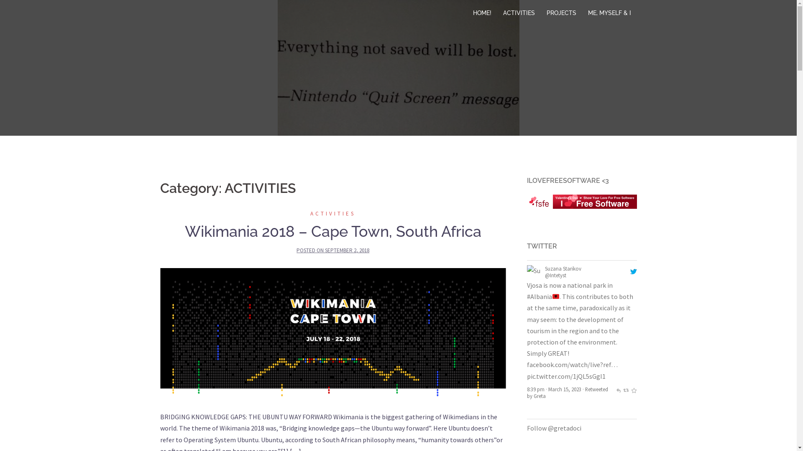 The width and height of the screenshot is (803, 451). I want to click on 'favorite', so click(630, 389).